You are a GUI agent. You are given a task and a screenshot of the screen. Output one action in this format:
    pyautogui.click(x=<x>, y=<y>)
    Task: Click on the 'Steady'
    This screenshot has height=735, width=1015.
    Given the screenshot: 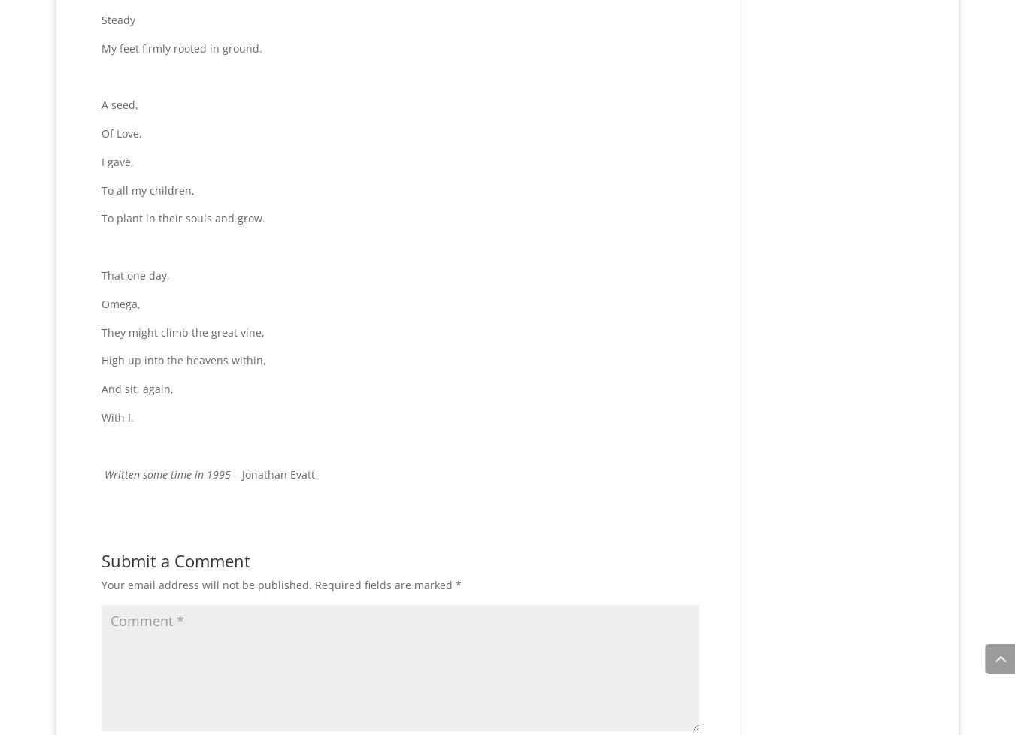 What is the action you would take?
    pyautogui.click(x=118, y=19)
    